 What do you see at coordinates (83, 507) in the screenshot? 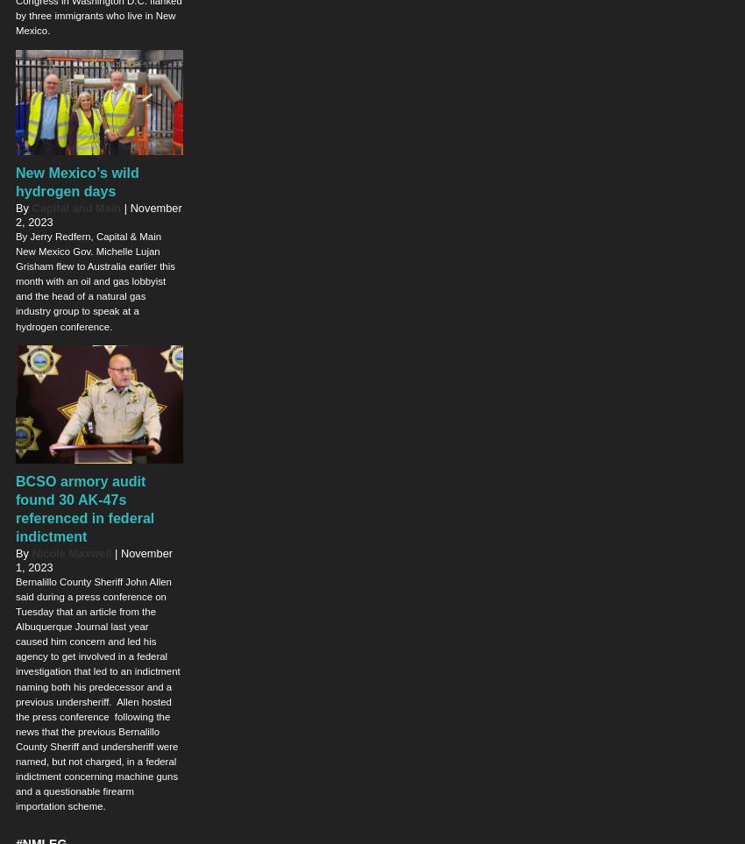
I see `'BCSO armory audit found 30 AK-47s referenced in federal indictment'` at bounding box center [83, 507].